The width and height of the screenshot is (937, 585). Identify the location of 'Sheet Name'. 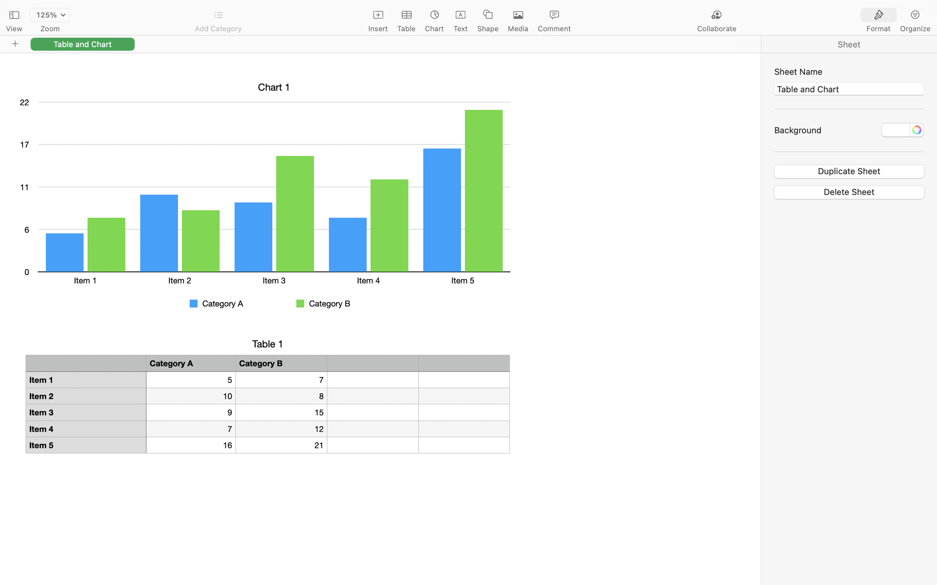
(848, 71).